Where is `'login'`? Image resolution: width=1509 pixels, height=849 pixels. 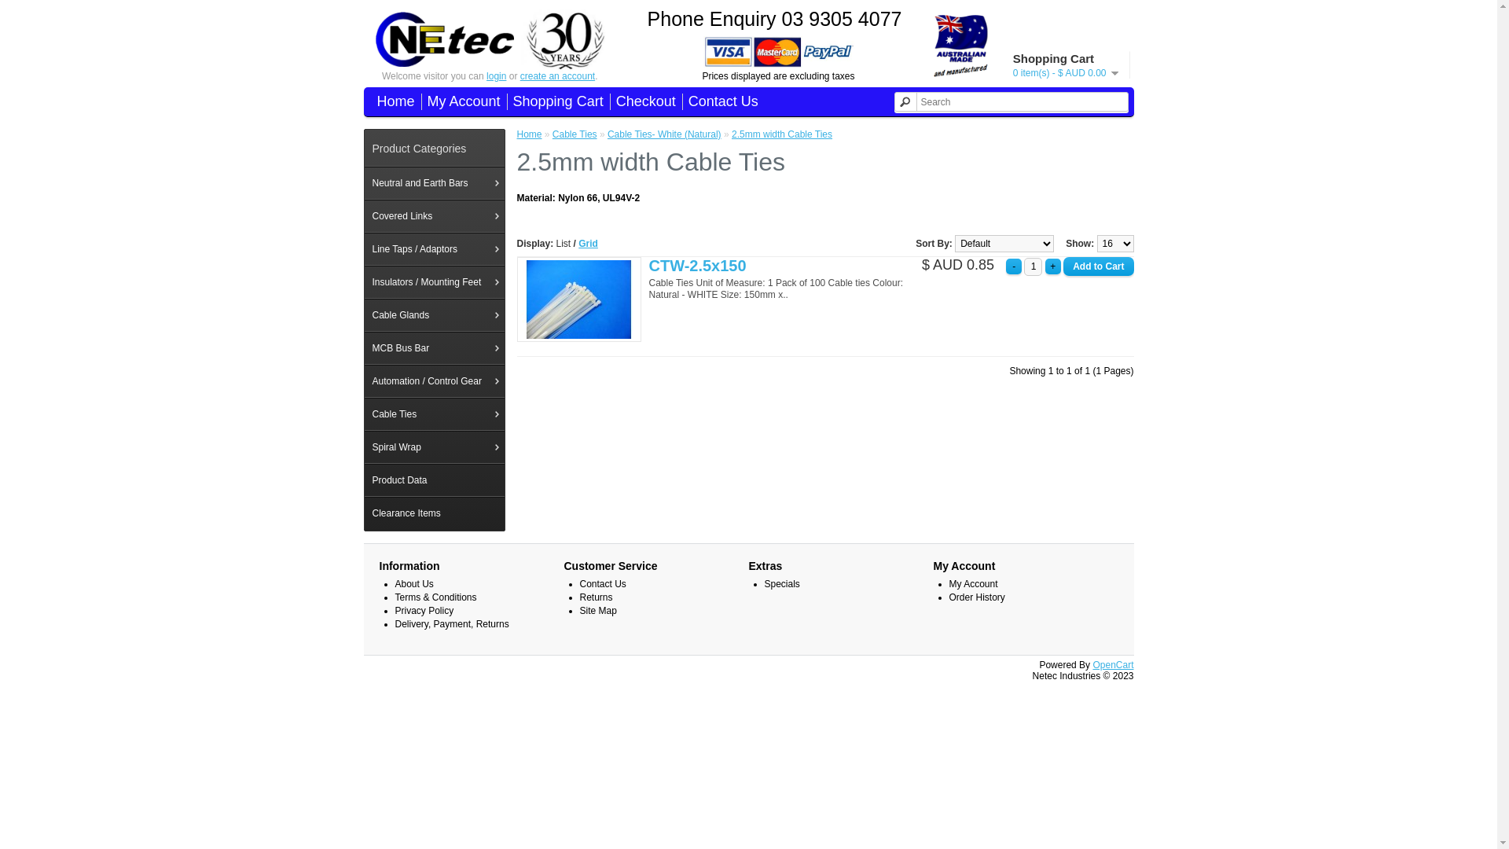
'login' is located at coordinates (486, 75).